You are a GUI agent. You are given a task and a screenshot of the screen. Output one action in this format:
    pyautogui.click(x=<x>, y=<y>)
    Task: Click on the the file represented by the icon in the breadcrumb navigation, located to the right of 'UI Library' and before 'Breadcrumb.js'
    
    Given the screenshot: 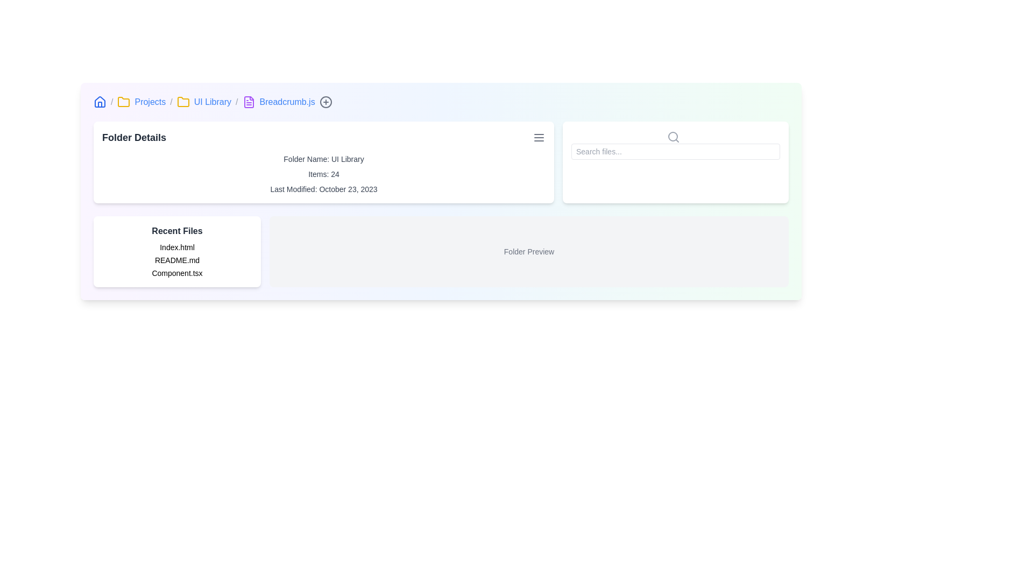 What is the action you would take?
    pyautogui.click(x=248, y=102)
    